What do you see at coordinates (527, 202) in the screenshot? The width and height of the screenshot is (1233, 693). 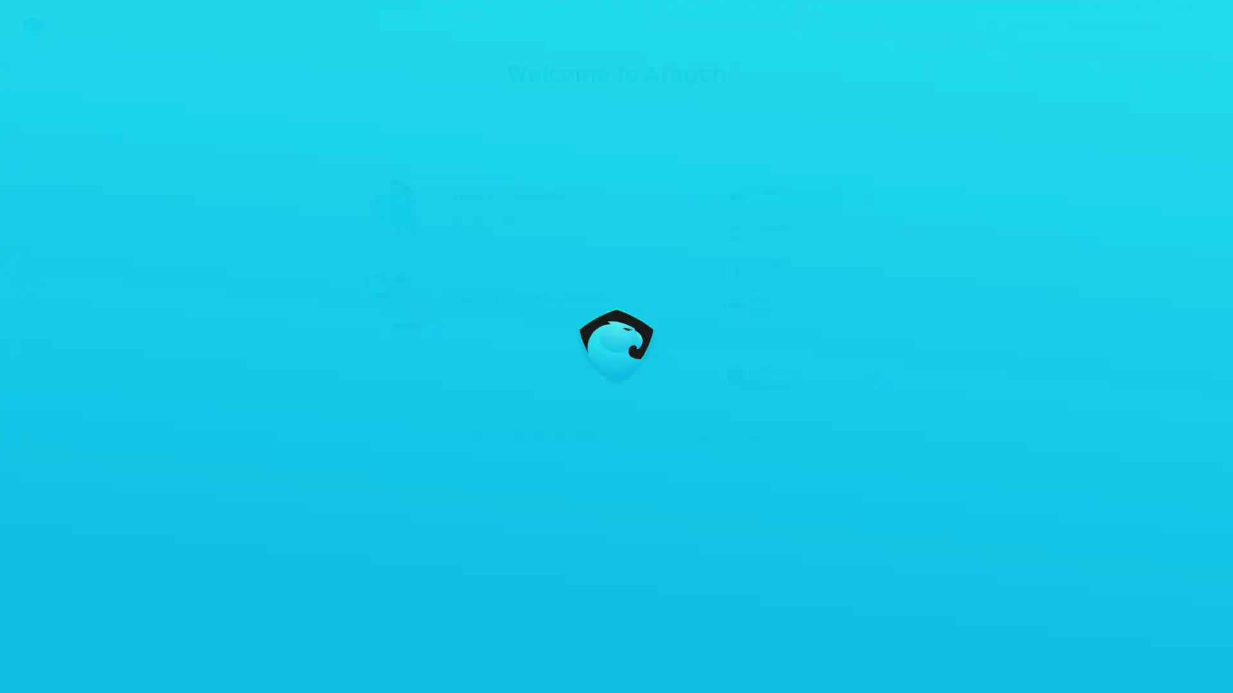 I see `Create an organization Start your organization with Aragon` at bounding box center [527, 202].